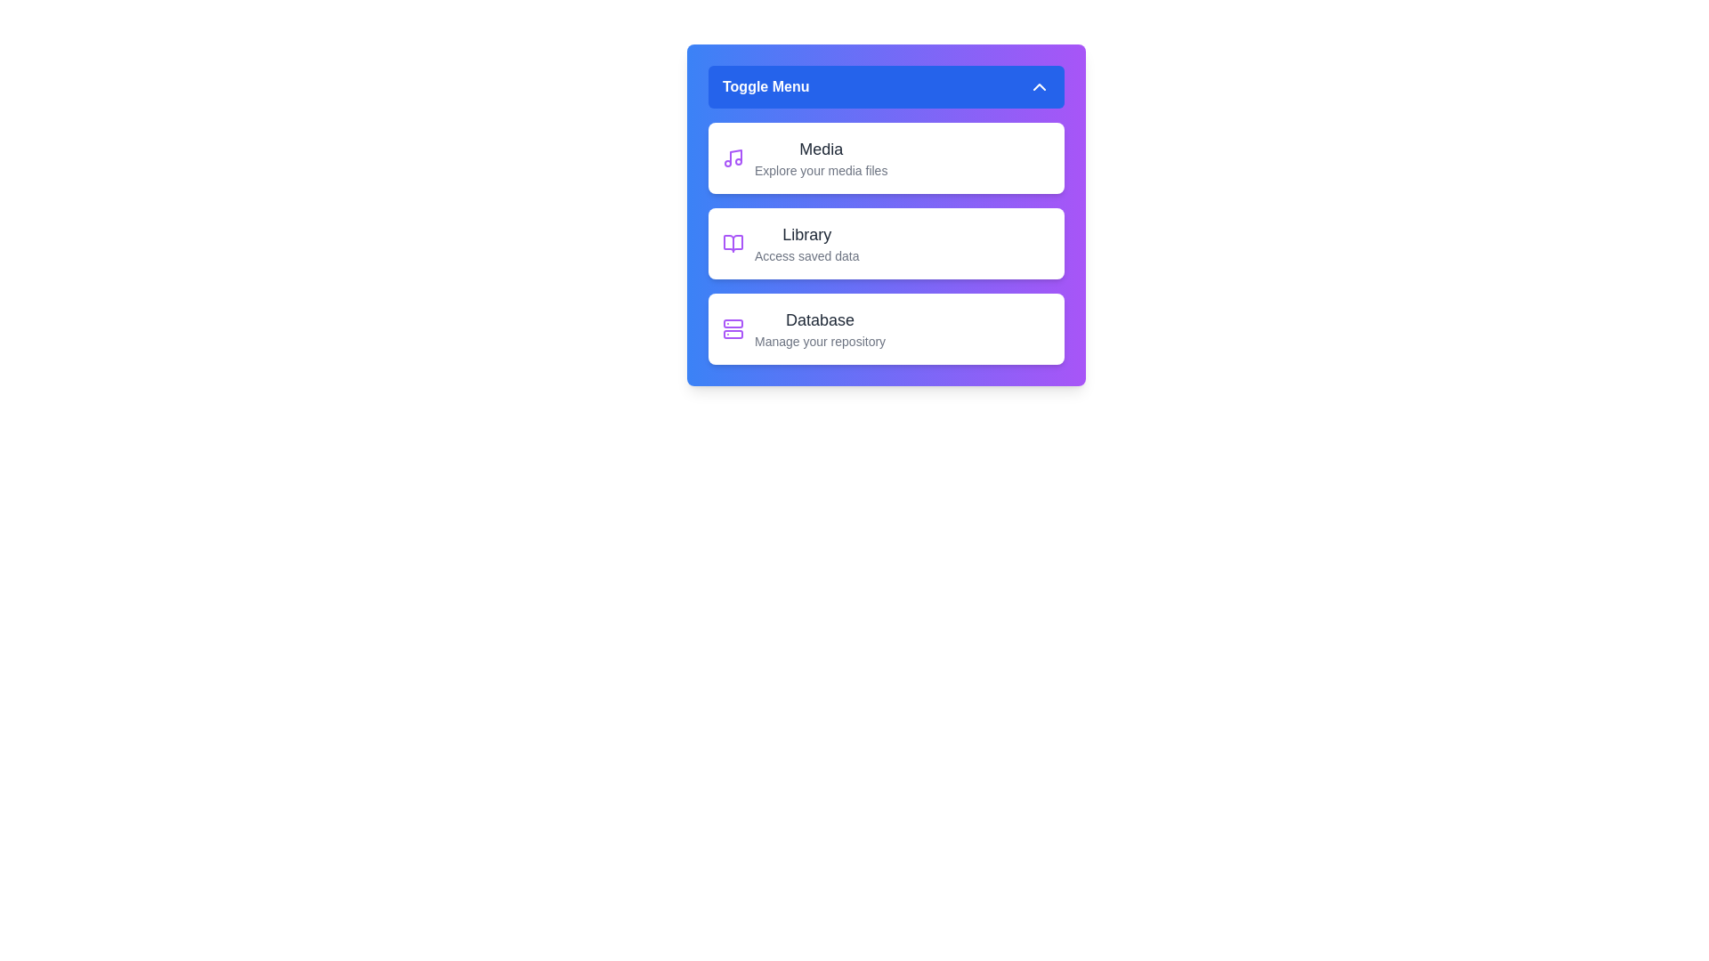 This screenshot has width=1709, height=961. Describe the element at coordinates (733, 329) in the screenshot. I see `the Database icon to interact with it` at that location.